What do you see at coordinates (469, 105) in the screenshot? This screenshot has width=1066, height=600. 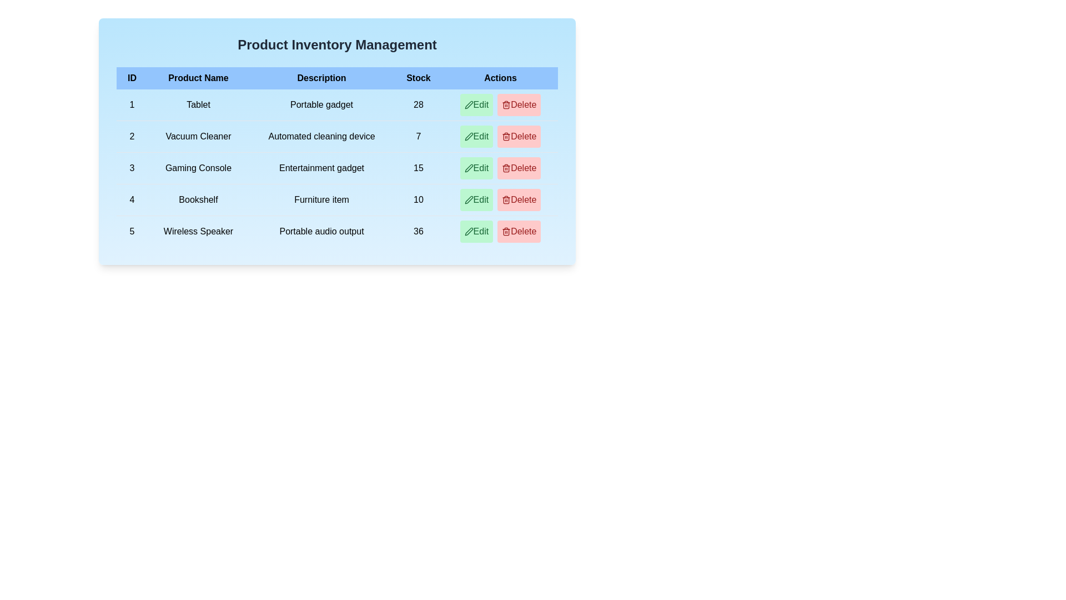 I see `the green pen-shaped icon located in the header row of the table, inside the 'Actions' column of the first row, directly left of the 'Edit' button` at bounding box center [469, 105].